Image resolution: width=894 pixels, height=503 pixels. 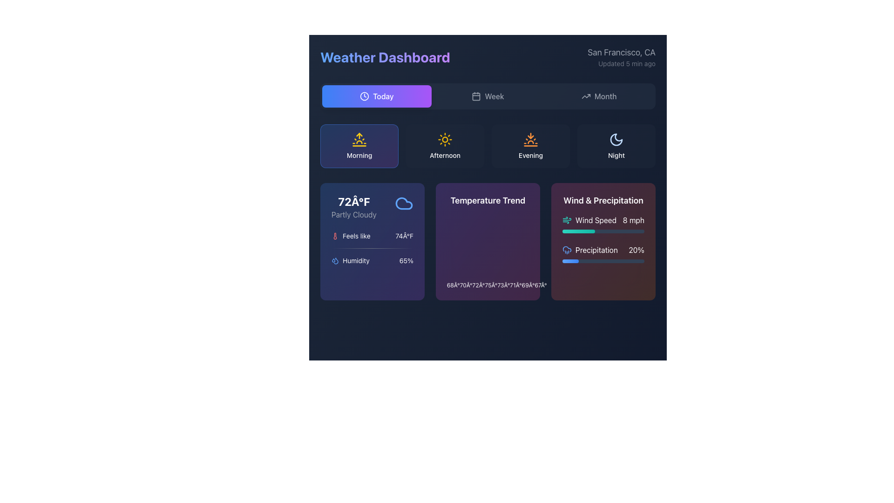 What do you see at coordinates (515, 283) in the screenshot?
I see `text label '71°' associated with the sixth vertical bar in the trend chart, which is styled with a gradient from purple to pink and has a rounded top` at bounding box center [515, 283].